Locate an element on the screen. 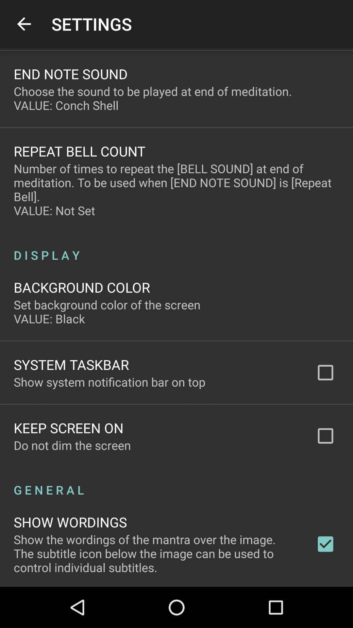 The image size is (353, 628). app to the left of settings is located at coordinates (24, 24).